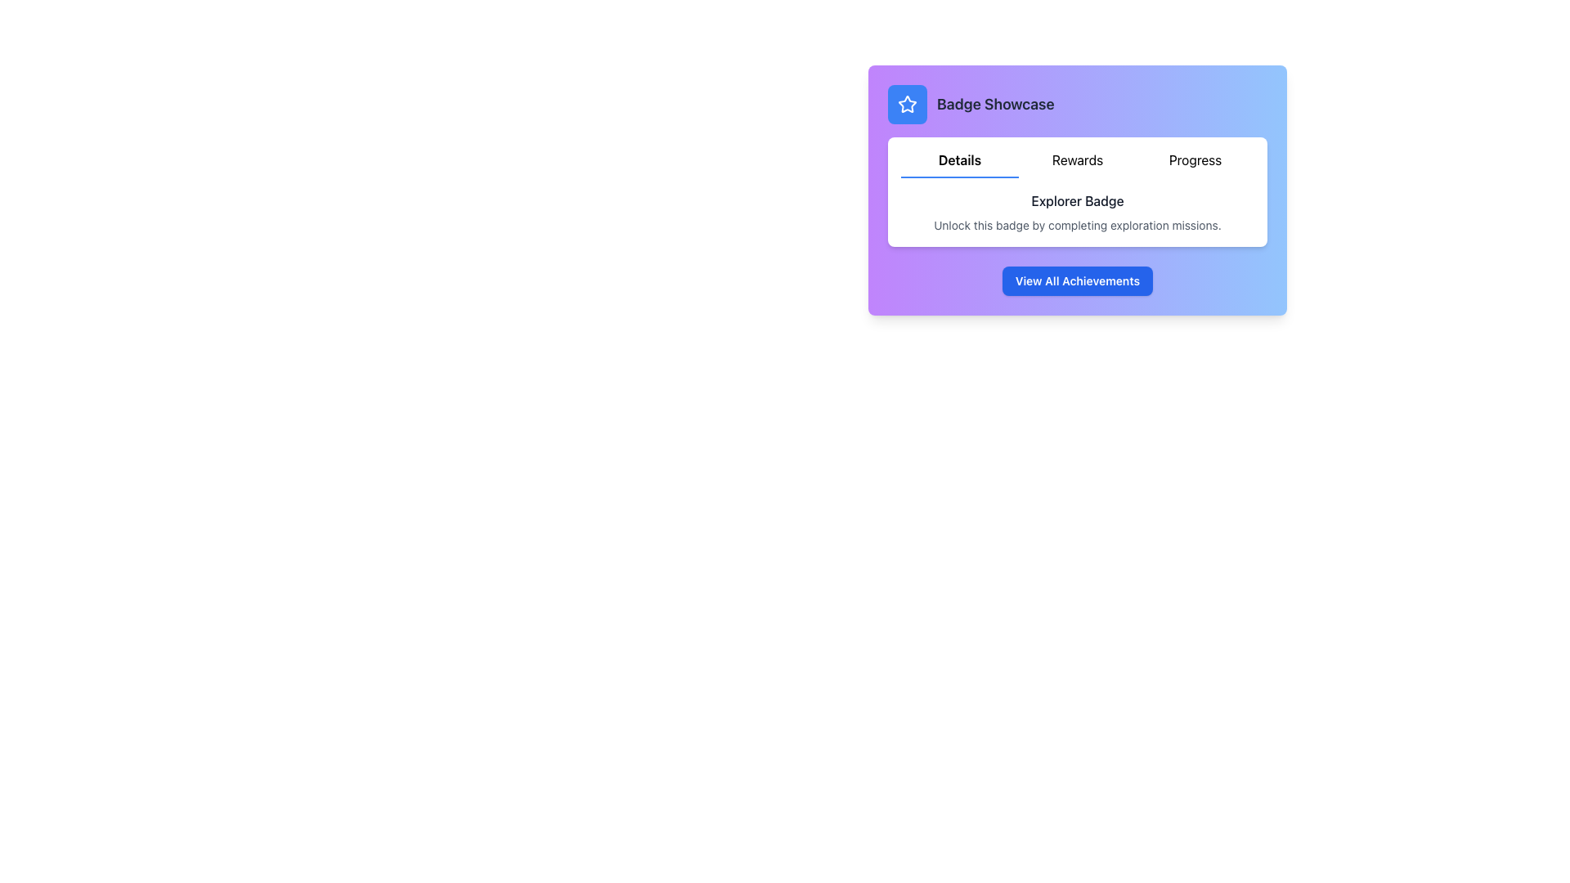 The width and height of the screenshot is (1570, 883). I want to click on the 'Rewards' text-based navigation tab, so click(1078, 164).